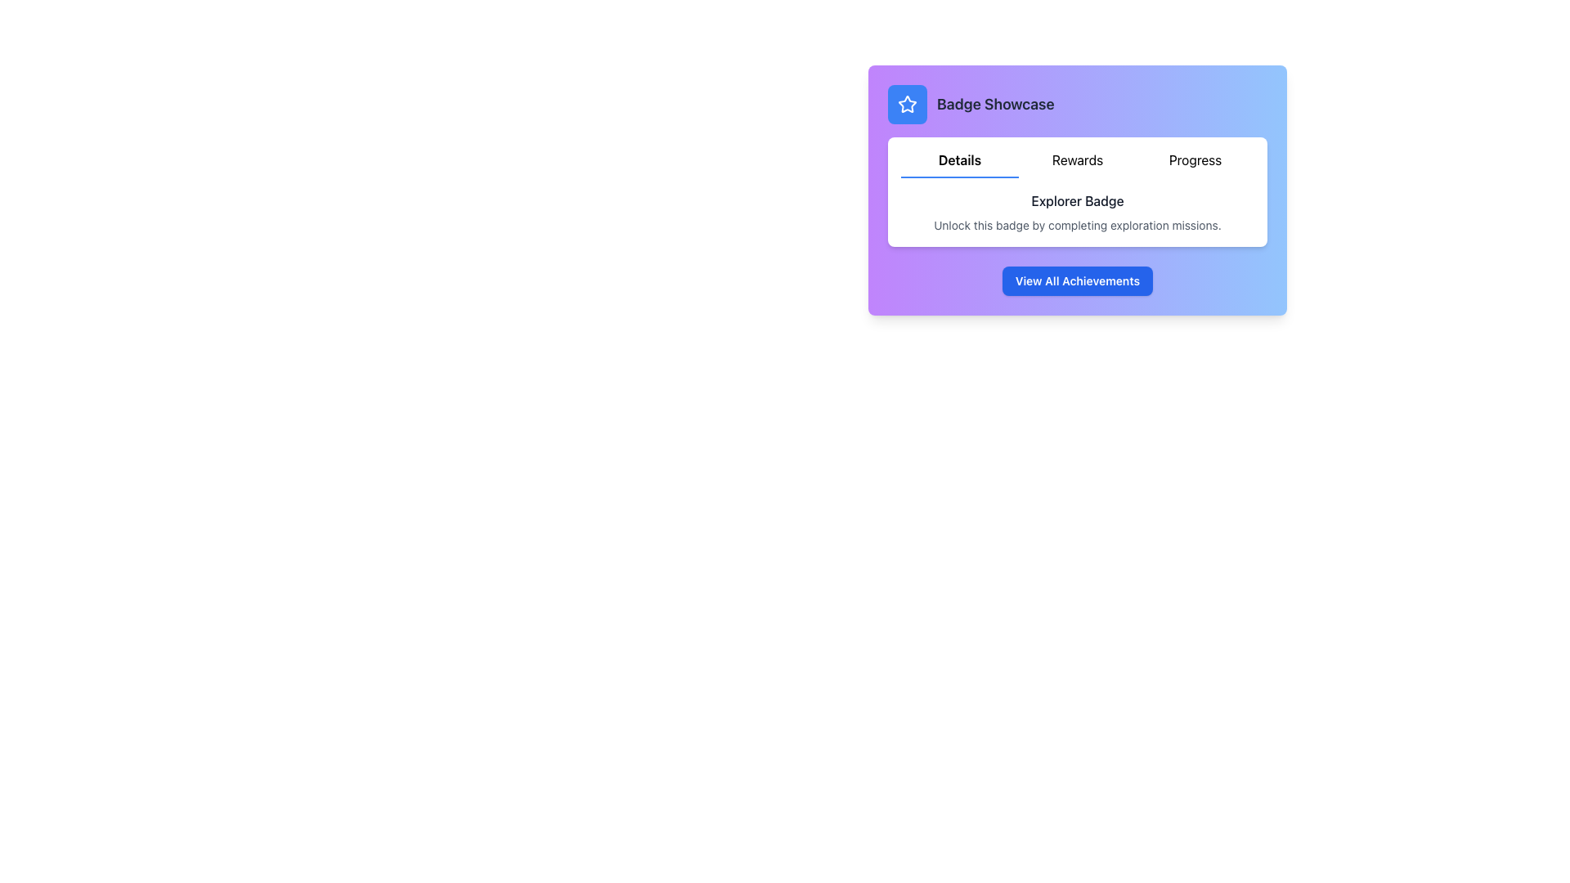 The width and height of the screenshot is (1570, 883). I want to click on the 'Rewards' text-based navigation tab, so click(1078, 164).